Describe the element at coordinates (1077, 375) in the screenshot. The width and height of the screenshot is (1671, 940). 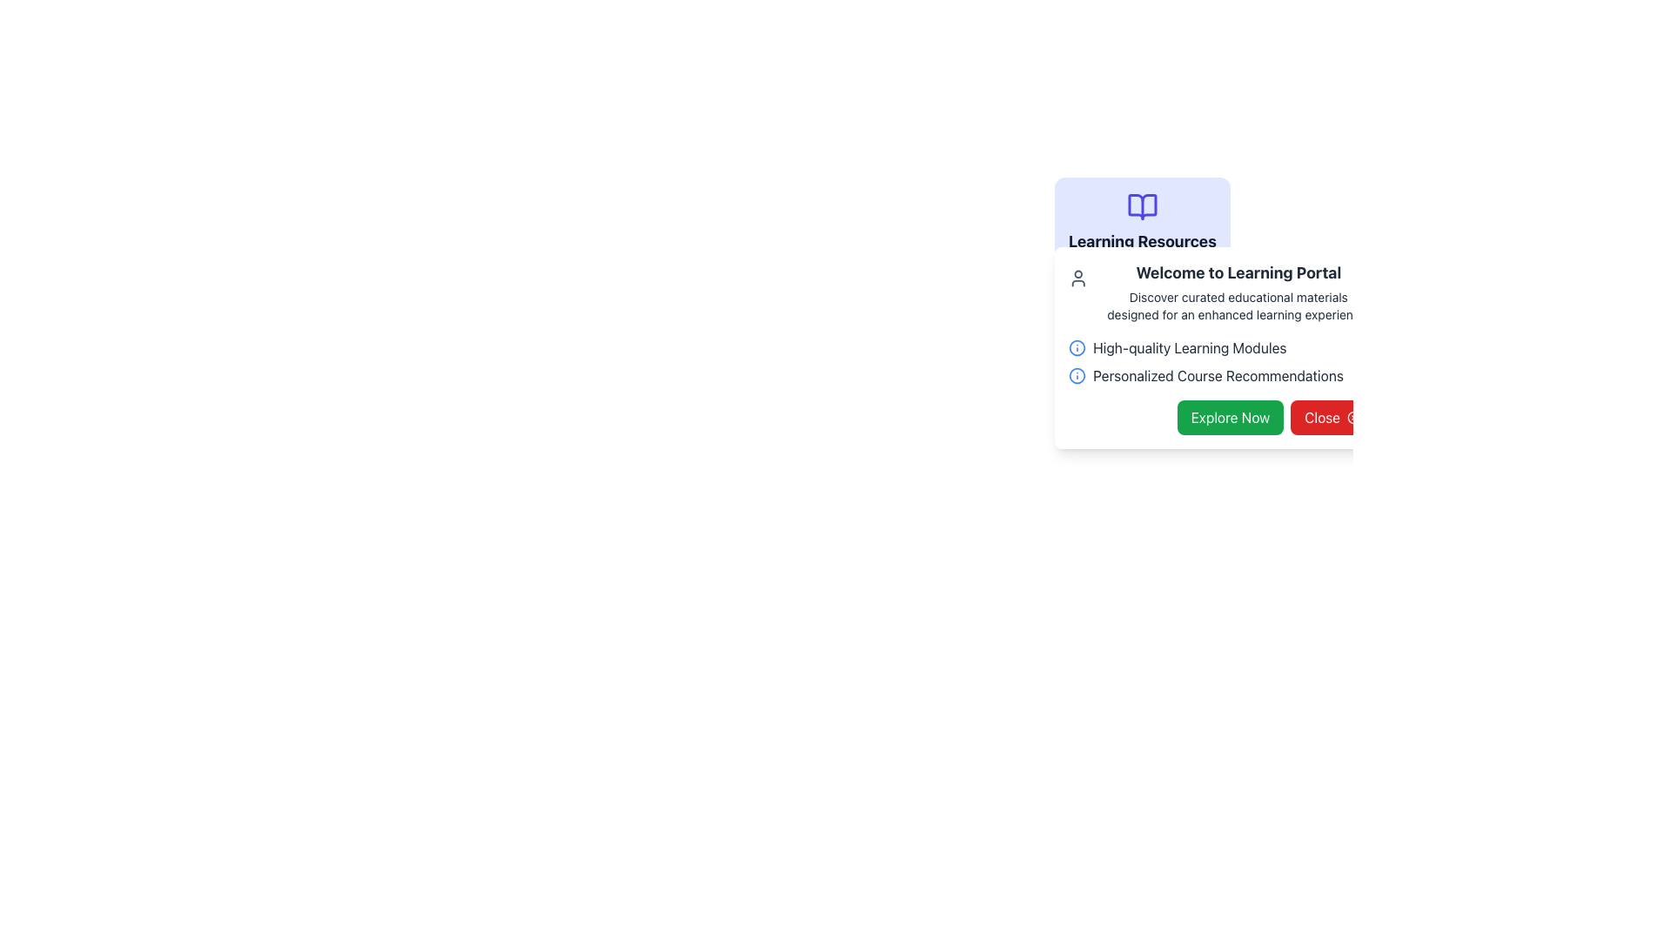
I see `the visual indicator icon that signifies 'Personalized Course Recommendations', located near the bottom center of the UI` at that location.